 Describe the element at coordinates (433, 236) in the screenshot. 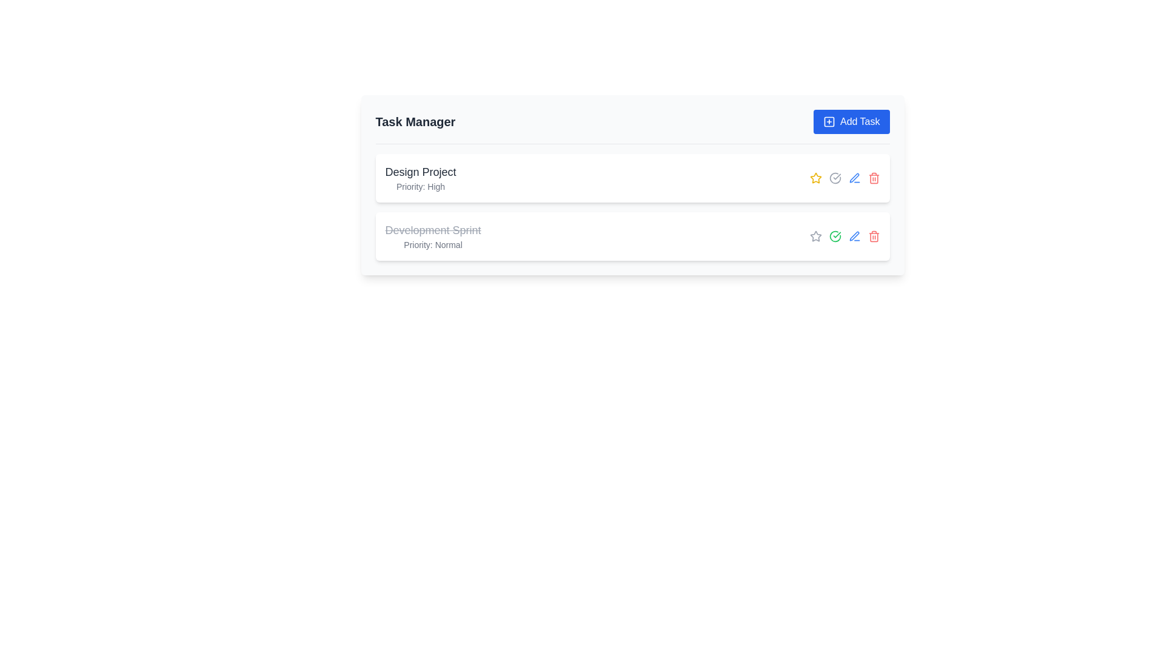

I see `the static text display component that shows 'Development Sprint' with a strikethrough and 'Priority: Normal' below it, indicating its completion status` at that location.